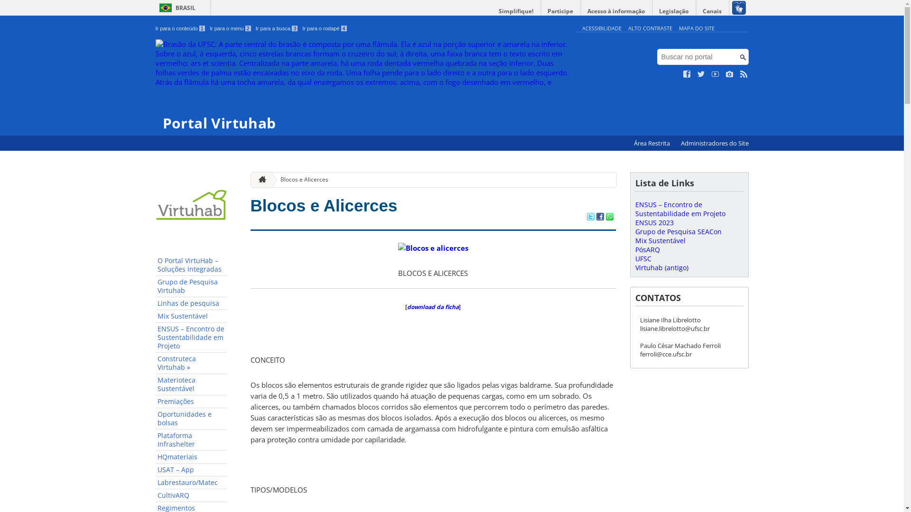 This screenshot has height=512, width=911. What do you see at coordinates (230, 28) in the screenshot?
I see `'Ir para o menu 2'` at bounding box center [230, 28].